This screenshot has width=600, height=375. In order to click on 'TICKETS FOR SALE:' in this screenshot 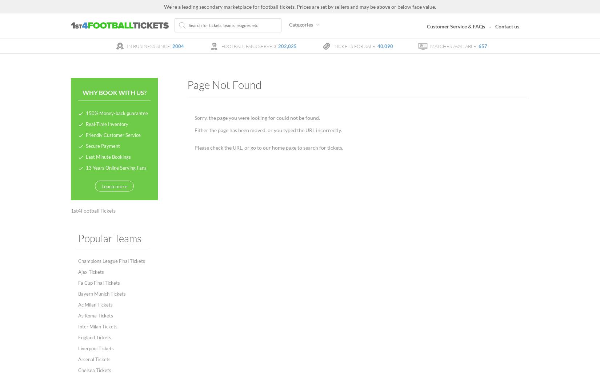, I will do `click(355, 46)`.